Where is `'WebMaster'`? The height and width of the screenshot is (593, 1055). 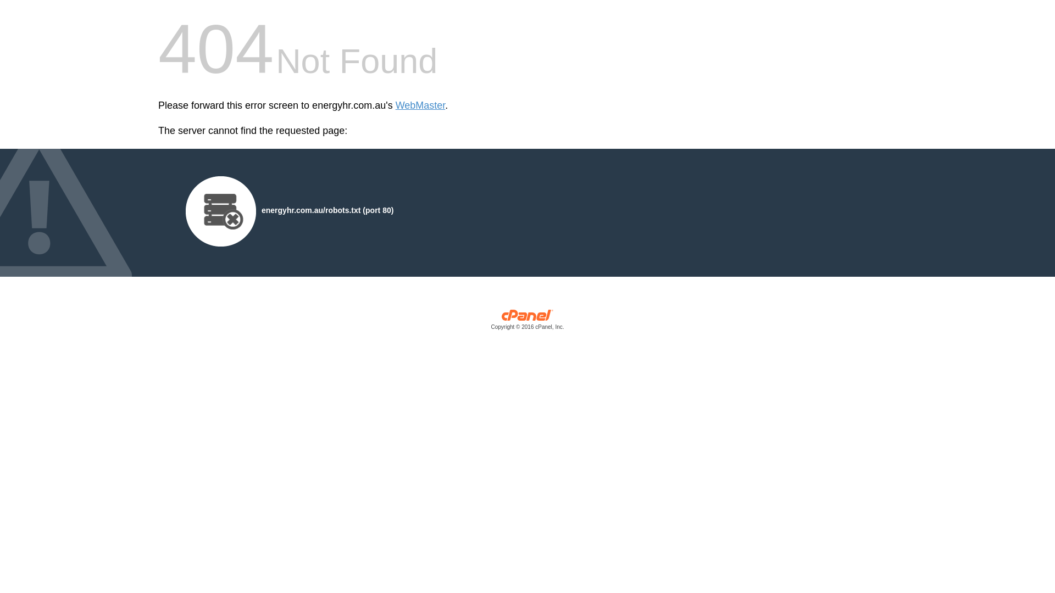 'WebMaster' is located at coordinates (420, 105).